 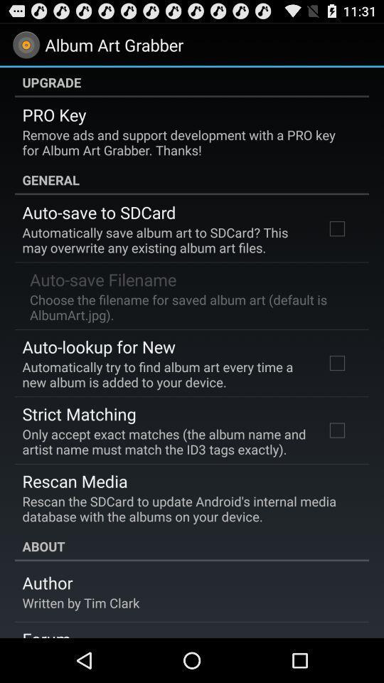 What do you see at coordinates (192, 82) in the screenshot?
I see `the upgrade item` at bounding box center [192, 82].